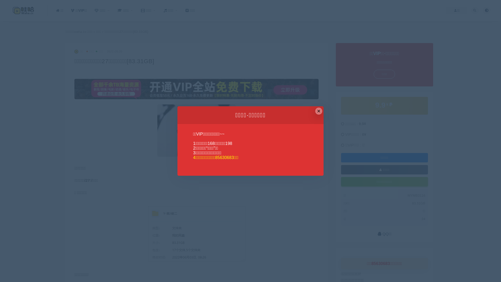 Image resolution: width=501 pixels, height=282 pixels. I want to click on '2022-08-09', so click(106, 51).